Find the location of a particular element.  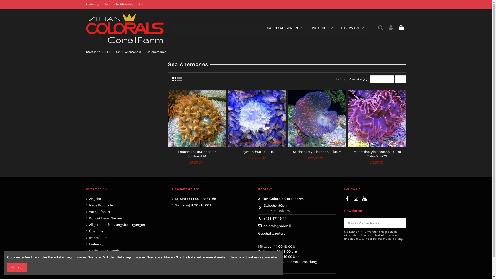

'Angebote' is located at coordinates (86, 199).